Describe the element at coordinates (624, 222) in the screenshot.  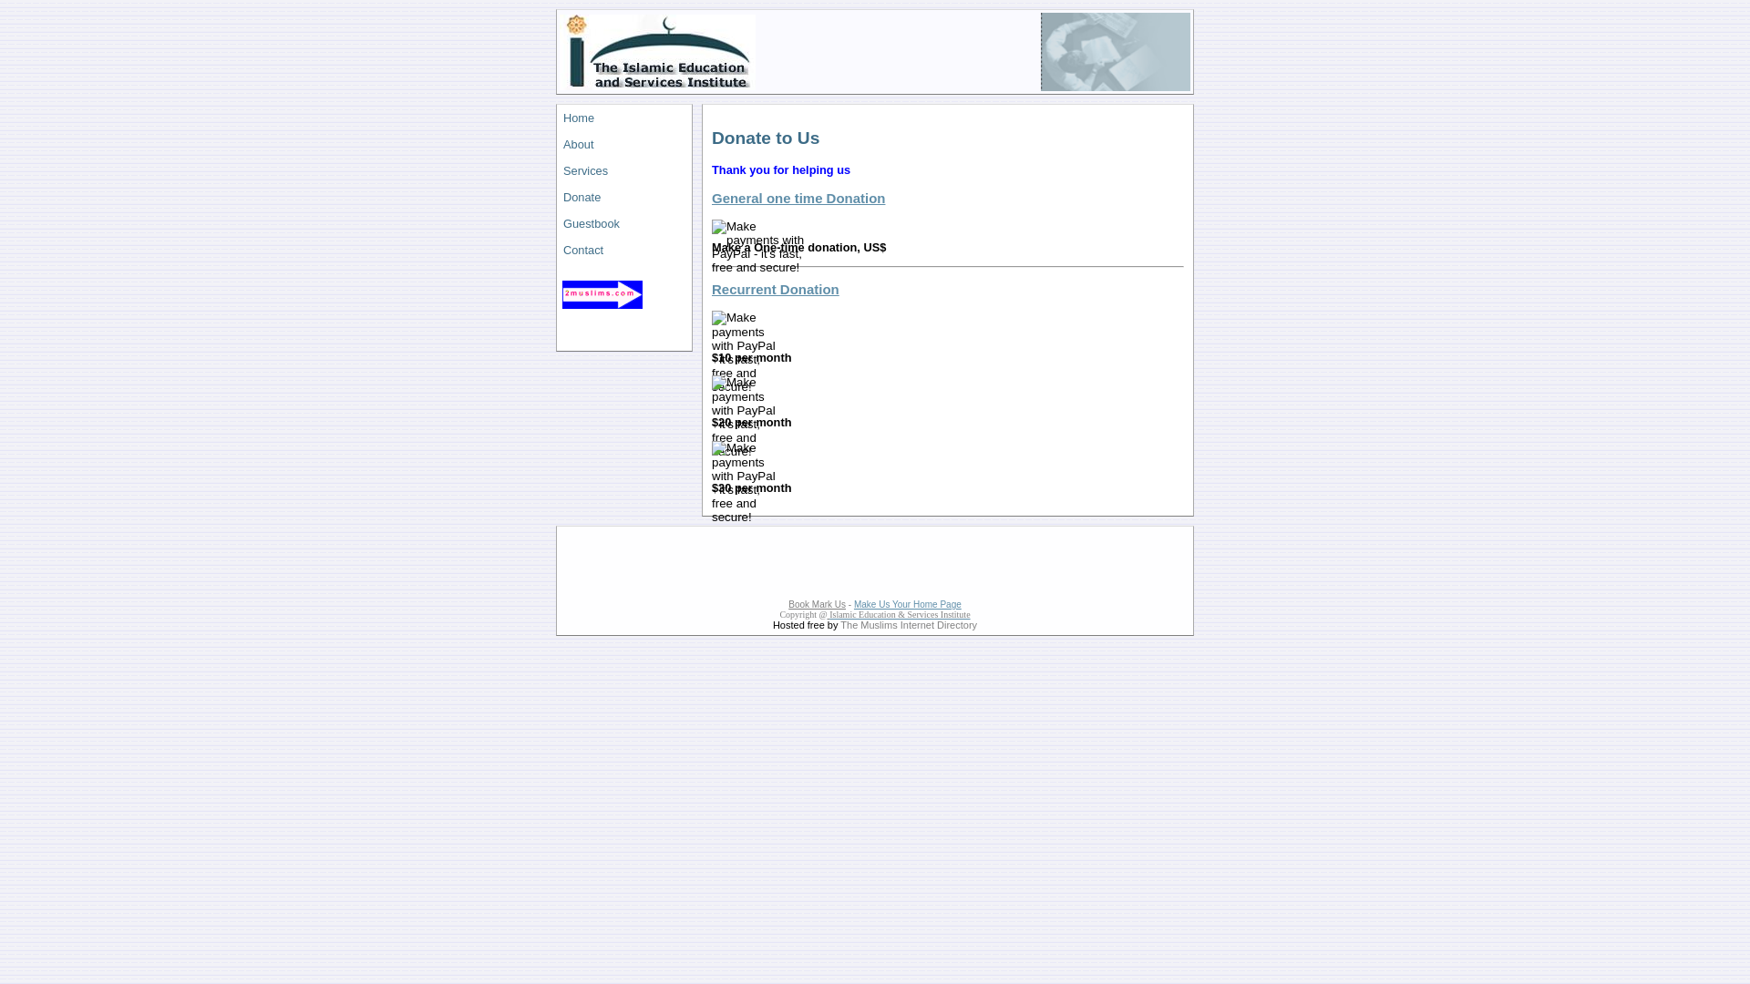
I see `'Guestbook'` at that location.